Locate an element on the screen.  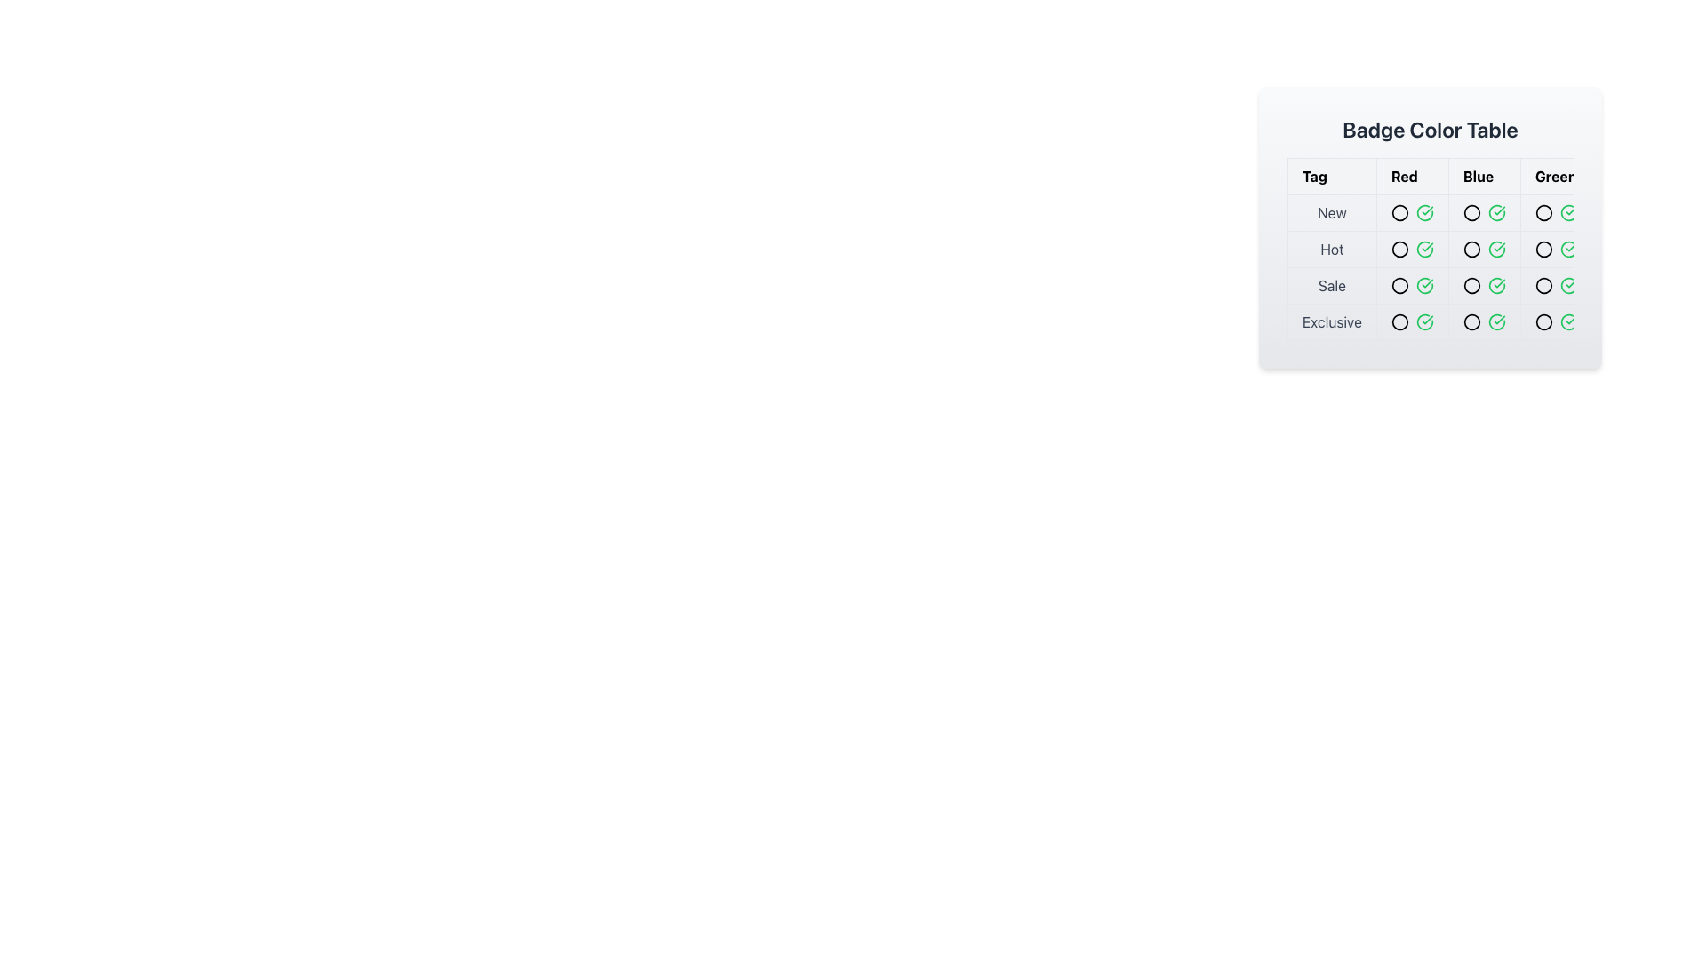
the composite visual indicator consisting of an empty blue circle and a green checkmark located in the 'Badge Color Table' under the 'Blue' column and 'Exclusive' row is located at coordinates (1484, 321).